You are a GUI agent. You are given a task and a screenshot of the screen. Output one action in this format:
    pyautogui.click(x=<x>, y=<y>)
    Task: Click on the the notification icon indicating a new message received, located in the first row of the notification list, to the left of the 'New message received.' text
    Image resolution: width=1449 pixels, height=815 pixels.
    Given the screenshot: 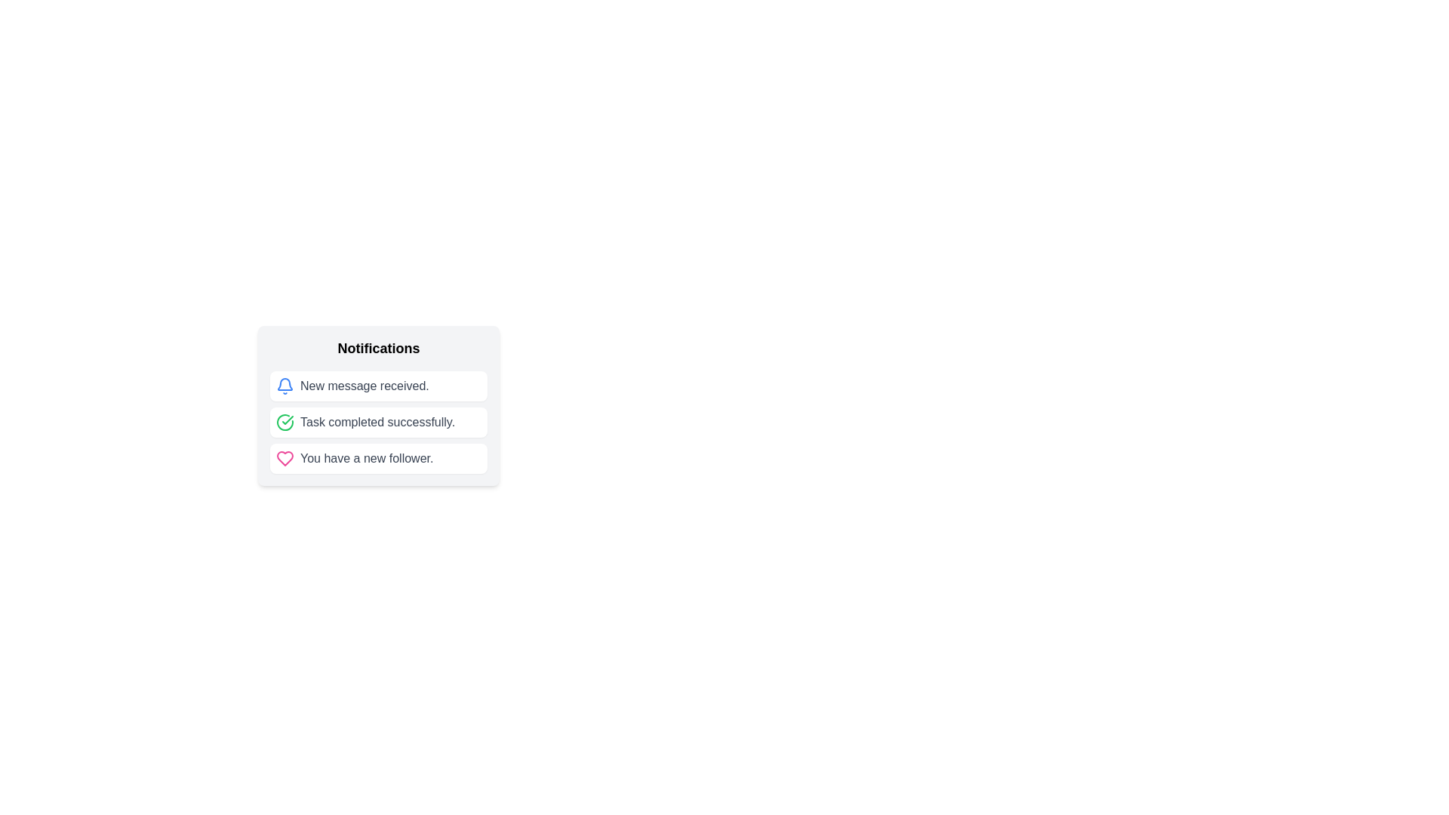 What is the action you would take?
    pyautogui.click(x=285, y=386)
    